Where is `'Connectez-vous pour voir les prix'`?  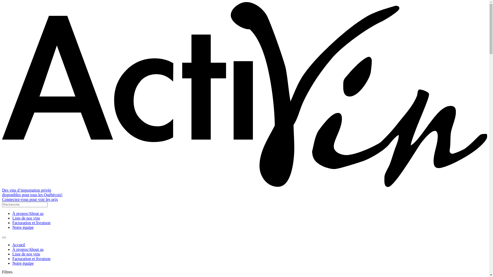
'Connectez-vous pour voir les prix' is located at coordinates (30, 199).